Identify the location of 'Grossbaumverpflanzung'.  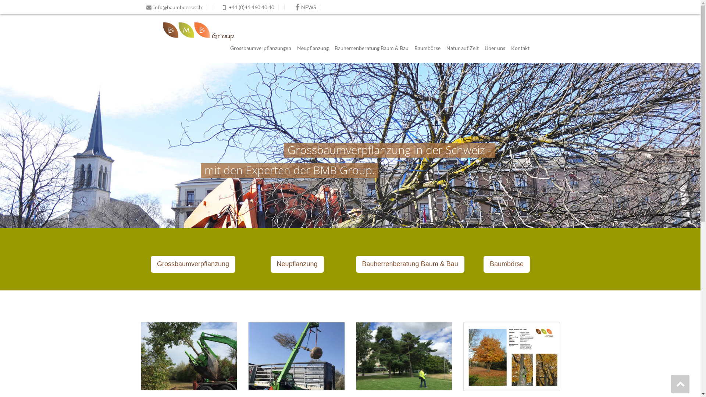
(150, 264).